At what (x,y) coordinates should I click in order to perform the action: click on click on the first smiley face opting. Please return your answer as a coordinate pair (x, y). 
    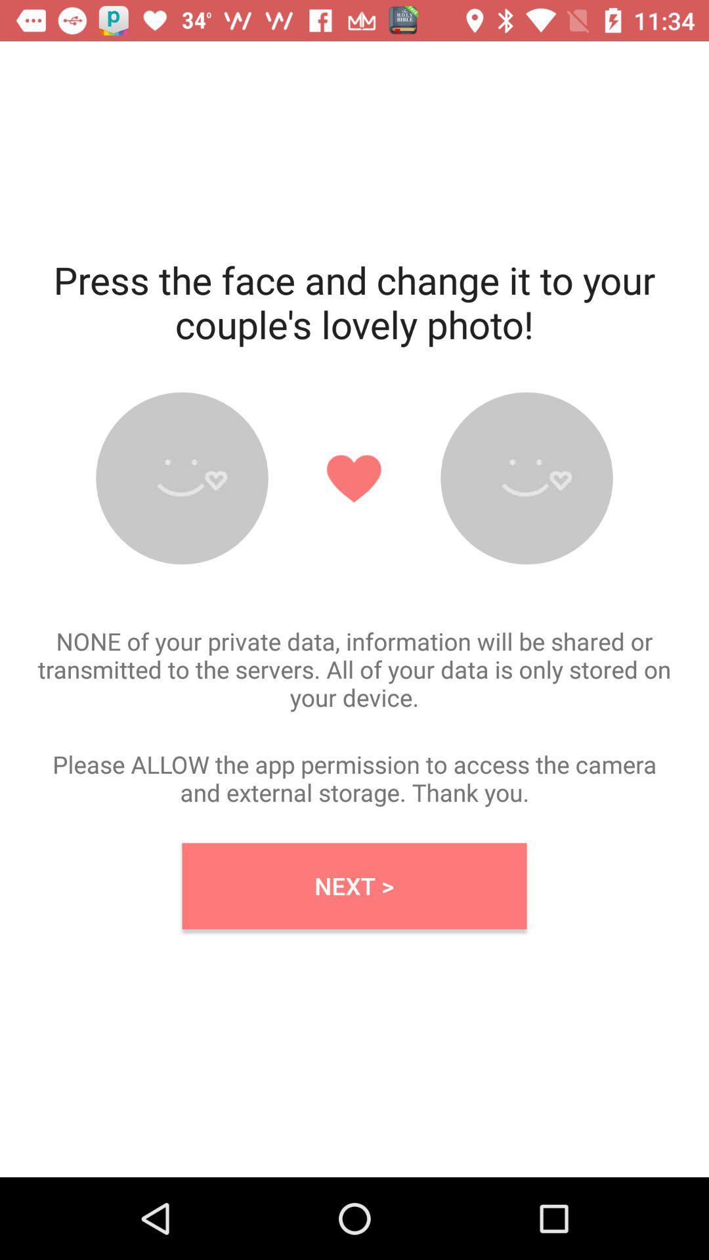
    Looking at the image, I should click on (182, 478).